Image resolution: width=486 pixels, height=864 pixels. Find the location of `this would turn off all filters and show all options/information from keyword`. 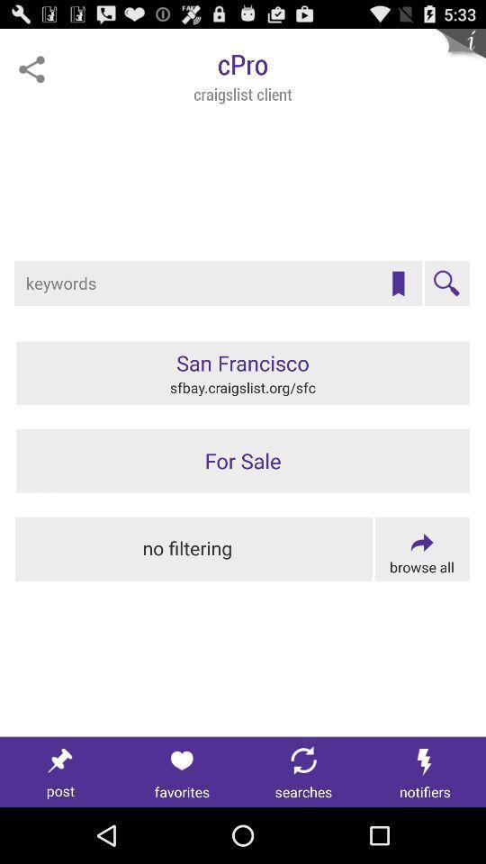

this would turn off all filters and show all options/information from keyword is located at coordinates (193, 548).